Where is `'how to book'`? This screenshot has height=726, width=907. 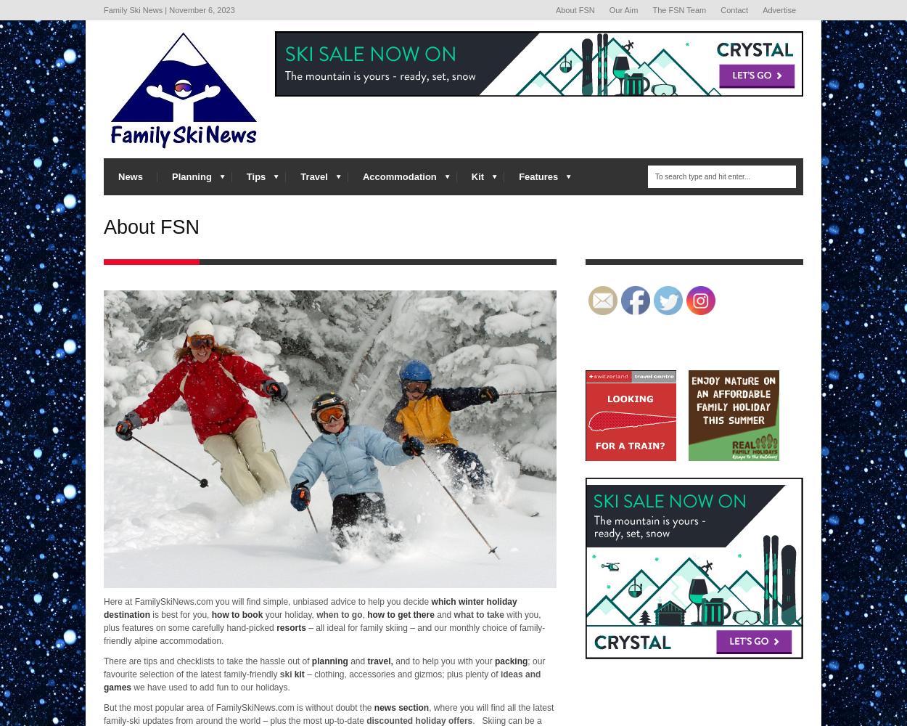 'how to book' is located at coordinates (236, 613).